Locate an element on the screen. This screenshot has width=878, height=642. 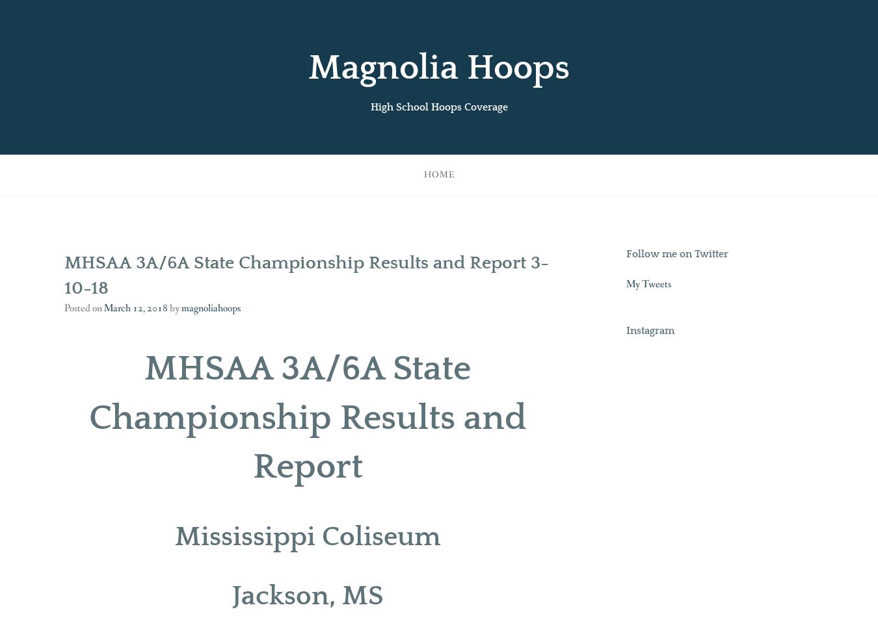
'Mississippi Coliseum' is located at coordinates (174, 537).